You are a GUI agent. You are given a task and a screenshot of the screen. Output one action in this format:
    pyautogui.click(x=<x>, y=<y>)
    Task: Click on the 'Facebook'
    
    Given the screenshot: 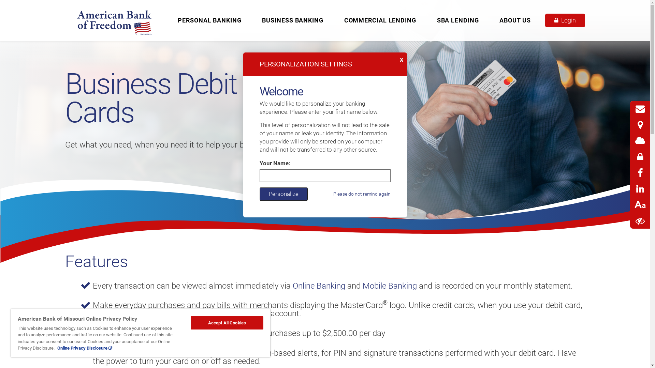 What is the action you would take?
    pyautogui.click(x=640, y=176)
    